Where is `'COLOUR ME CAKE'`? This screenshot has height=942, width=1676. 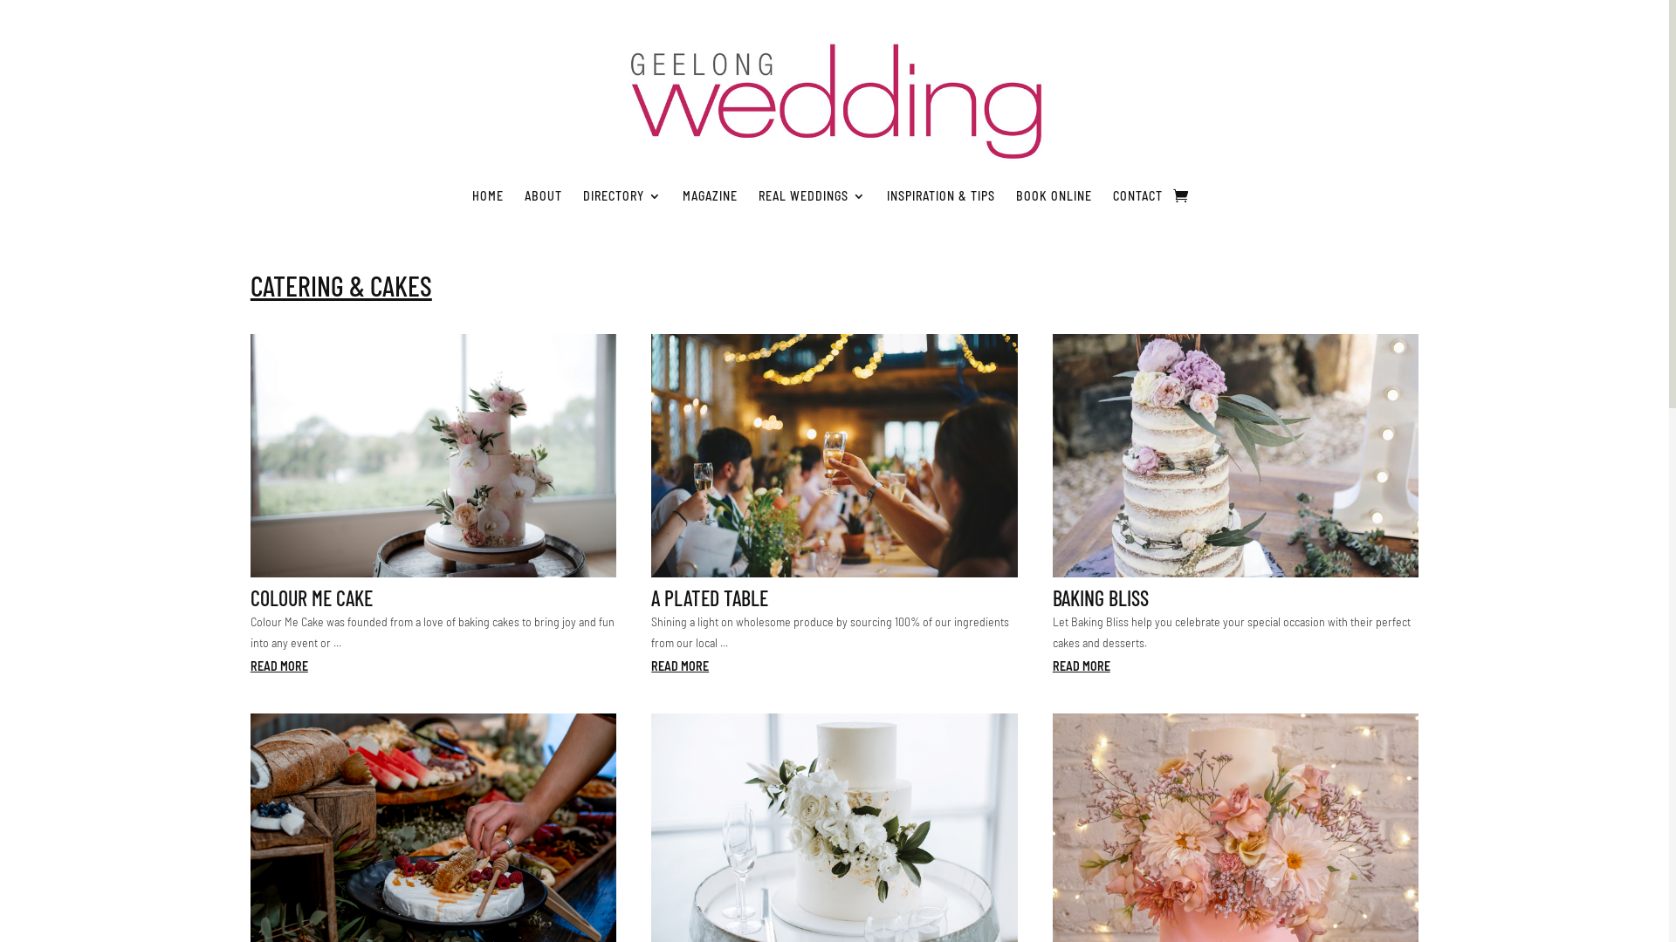 'COLOUR ME CAKE' is located at coordinates (311, 597).